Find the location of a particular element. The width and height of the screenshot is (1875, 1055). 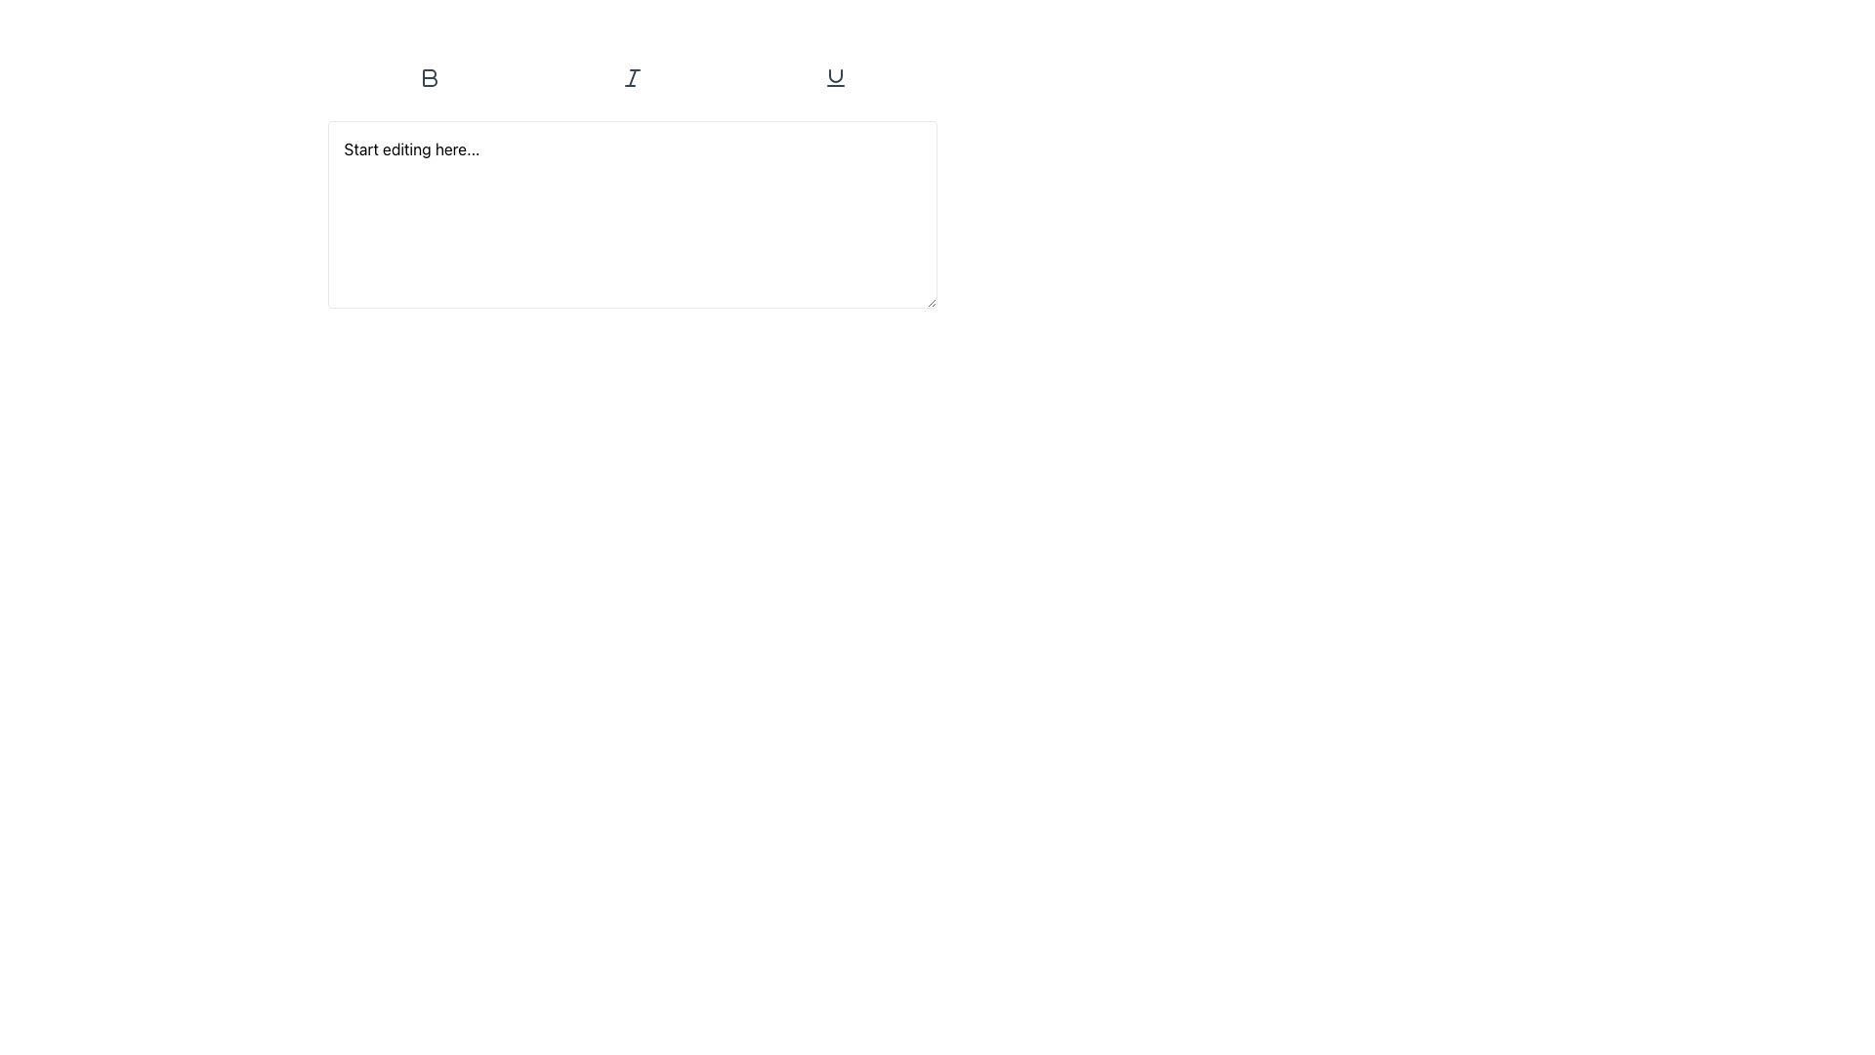

the center icon button in the horizontal toolbar to apply italic formatting to the selected text is located at coordinates (632, 77).